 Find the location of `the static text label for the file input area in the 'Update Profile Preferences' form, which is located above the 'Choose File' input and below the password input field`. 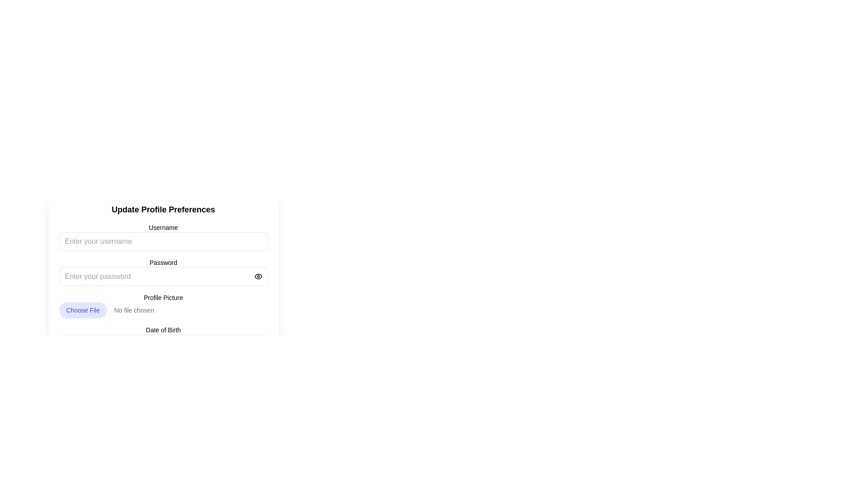

the static text label for the file input area in the 'Update Profile Preferences' form, which is located above the 'Choose File' input and below the password input field is located at coordinates (163, 298).